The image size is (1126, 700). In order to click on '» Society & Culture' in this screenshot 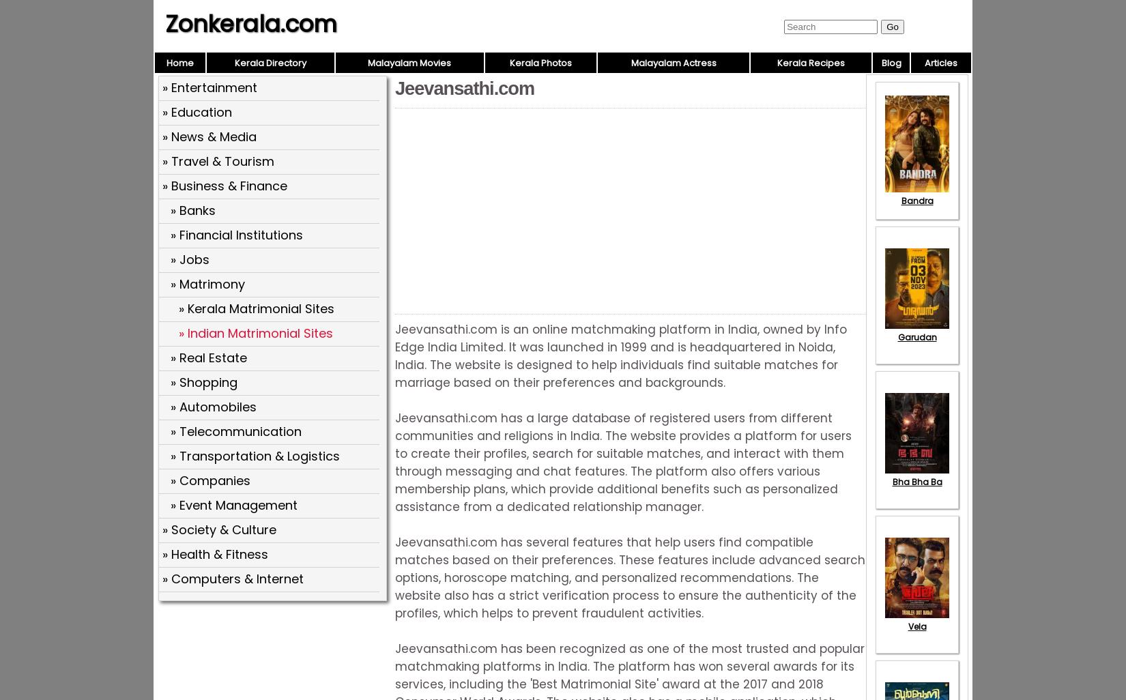, I will do `click(219, 529)`.